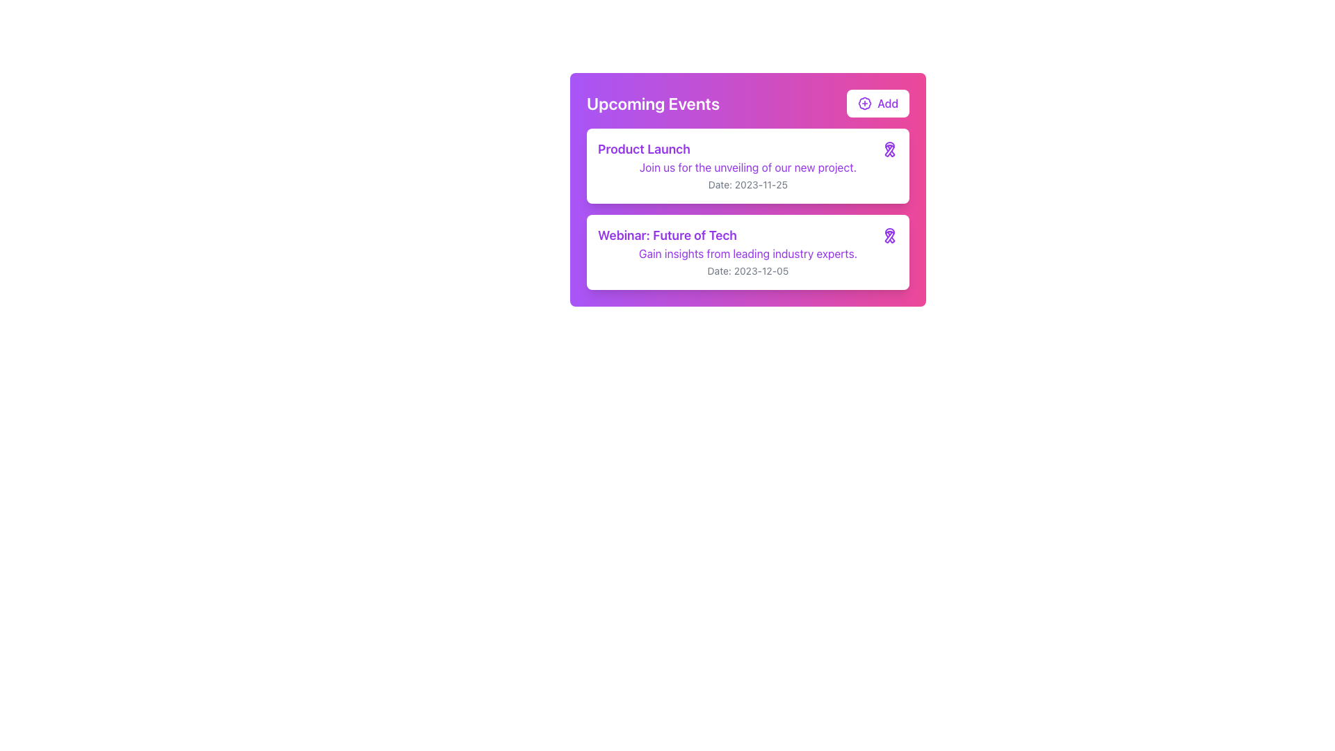 Image resolution: width=1335 pixels, height=751 pixels. What do you see at coordinates (747, 166) in the screenshot?
I see `the styled text element reading 'Join us for the unveiling of our new project.' which is located below the title 'Product Launch' and above the date 'Date: 2023-11-25'` at bounding box center [747, 166].